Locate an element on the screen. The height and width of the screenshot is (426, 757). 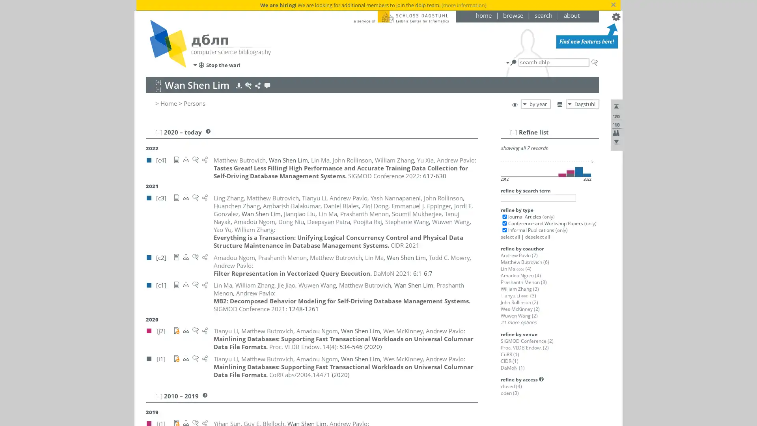
21 more options is located at coordinates (518, 322).